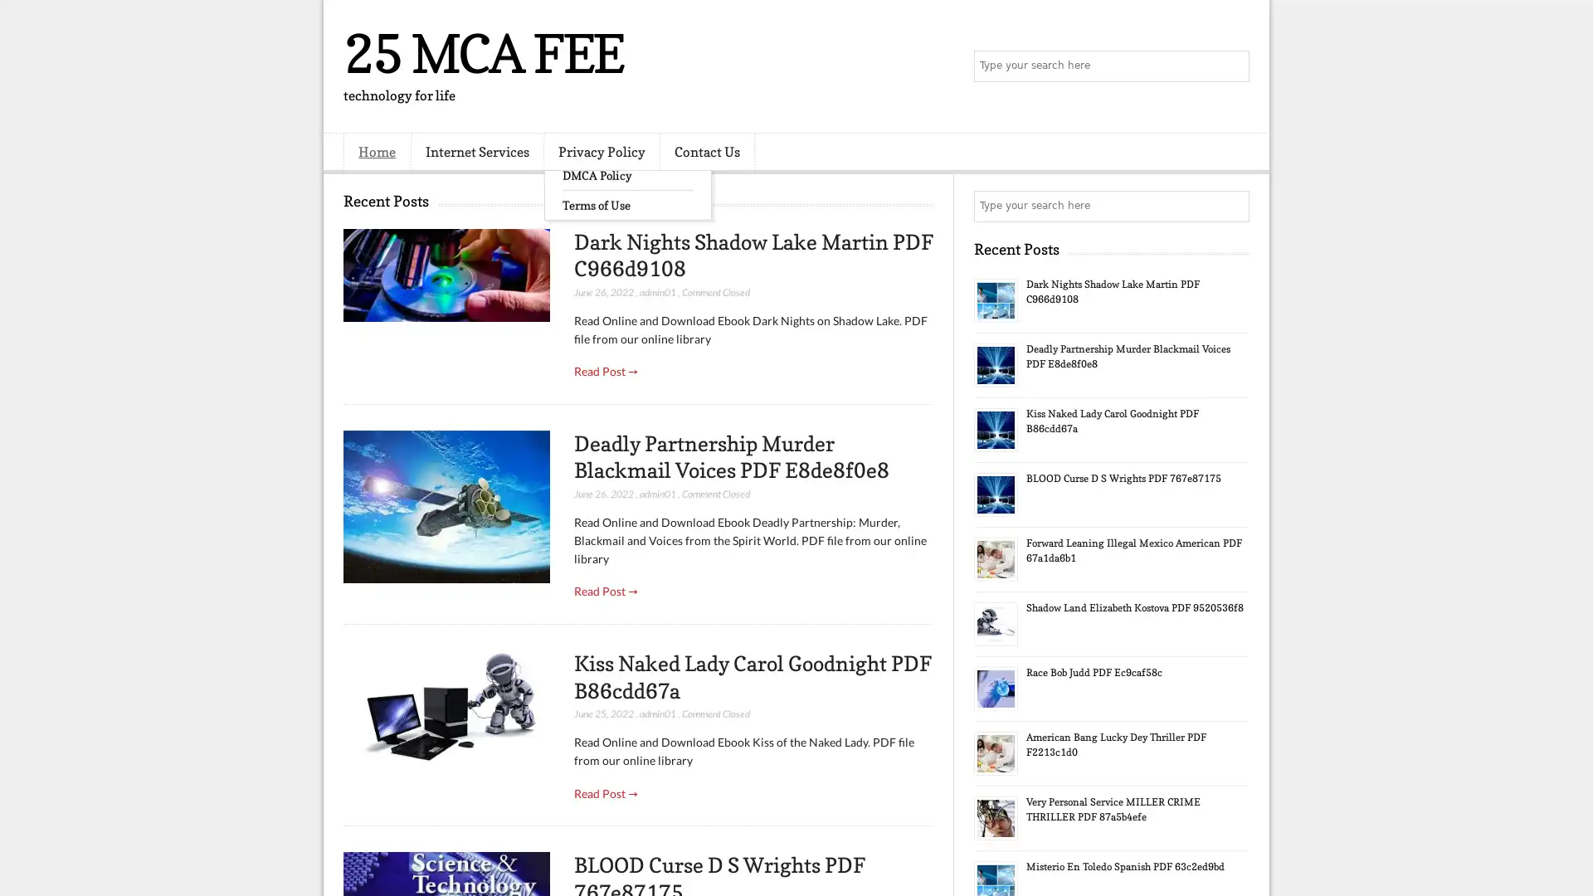 The width and height of the screenshot is (1593, 896). I want to click on Search, so click(1232, 66).